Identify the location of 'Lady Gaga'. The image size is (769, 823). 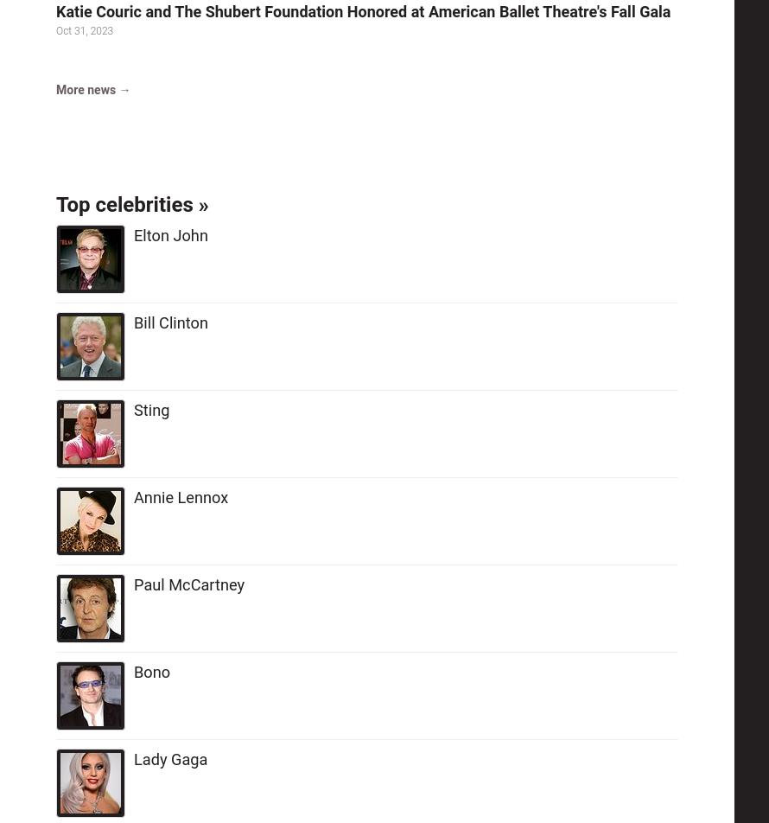
(170, 759).